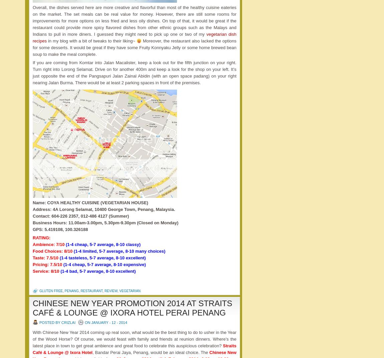 Image resolution: width=384 pixels, height=358 pixels. What do you see at coordinates (130, 291) in the screenshot?
I see `'vegetarian'` at bounding box center [130, 291].